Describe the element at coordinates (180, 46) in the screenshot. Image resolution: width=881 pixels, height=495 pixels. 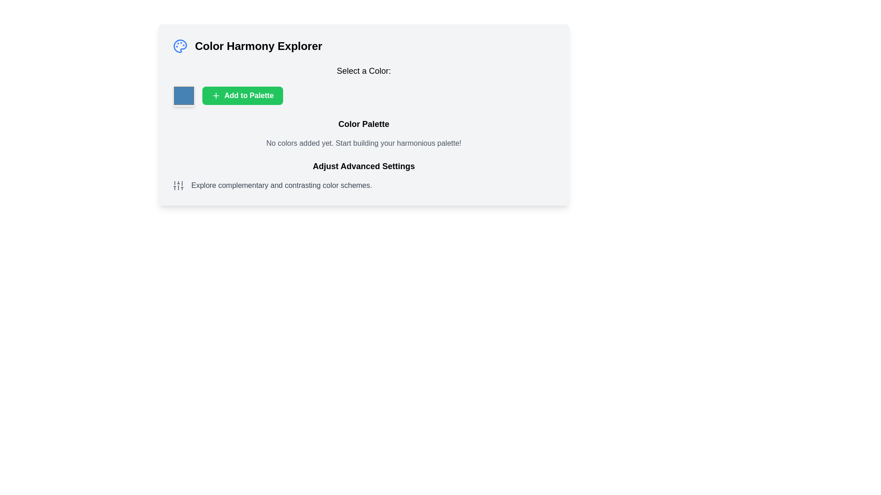
I see `the painter's palette icon located at the top-left corner of the 'Color Harmony Explorer' interface, which is visually striking with a blue outline and paint dabs` at that location.